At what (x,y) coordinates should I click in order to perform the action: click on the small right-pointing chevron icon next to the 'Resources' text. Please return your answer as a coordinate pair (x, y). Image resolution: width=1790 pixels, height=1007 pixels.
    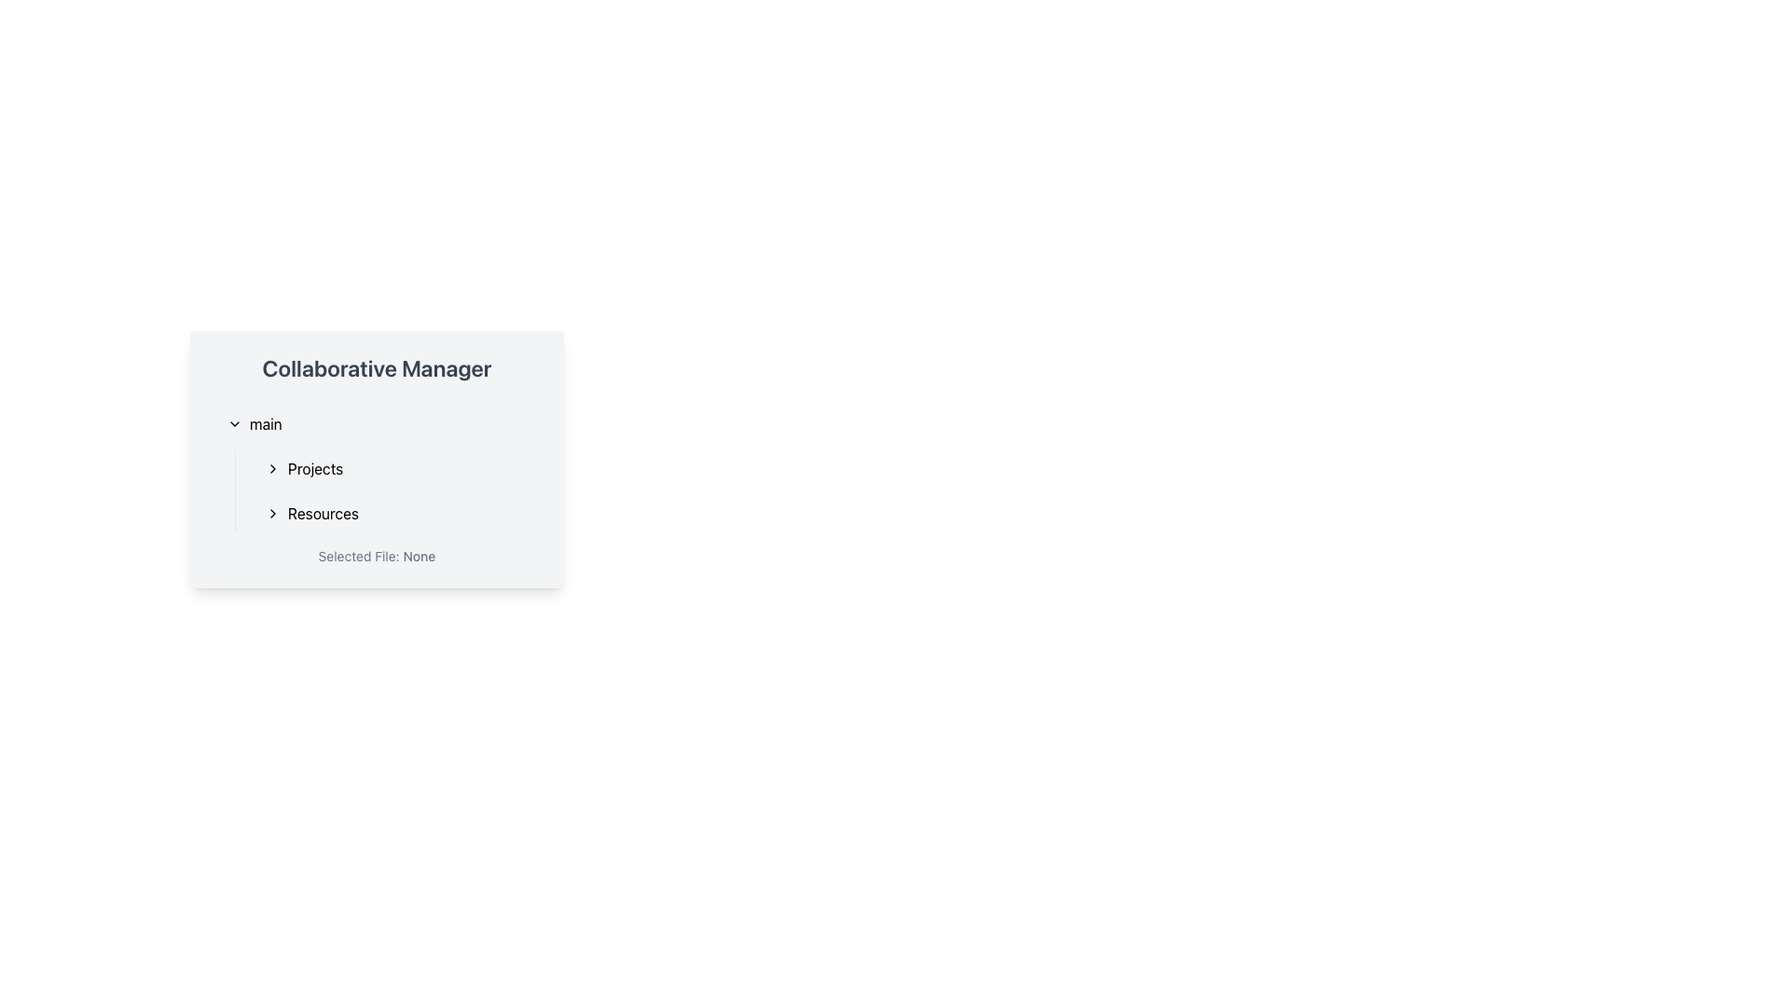
    Looking at the image, I should click on (271, 514).